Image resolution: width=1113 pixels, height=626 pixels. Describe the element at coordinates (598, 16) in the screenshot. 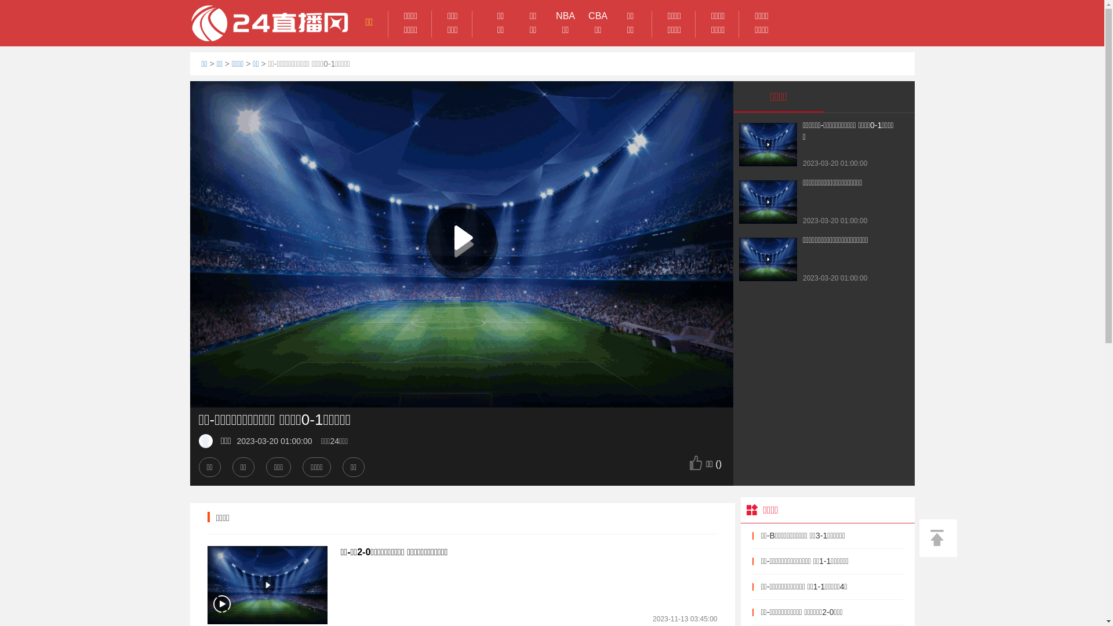

I see `'CBA'` at that location.